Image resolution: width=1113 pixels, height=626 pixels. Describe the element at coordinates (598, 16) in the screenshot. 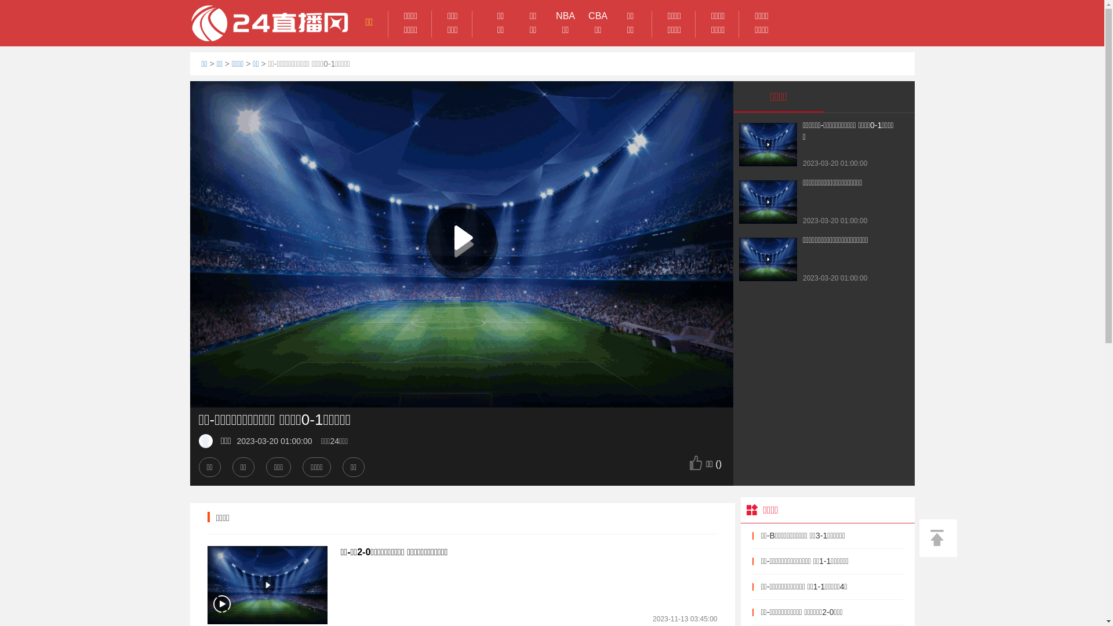

I see `'CBA'` at that location.